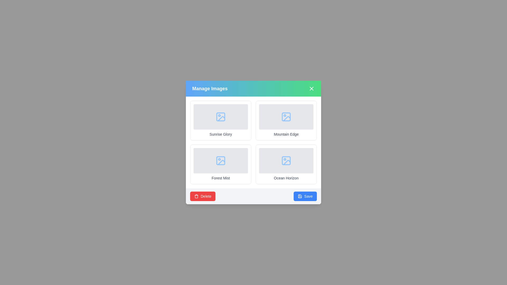  Describe the element at coordinates (220, 117) in the screenshot. I see `the icon labeled 'Sunrise Glory' located at the top-left of the grid in the 'Manage Images' modal` at that location.